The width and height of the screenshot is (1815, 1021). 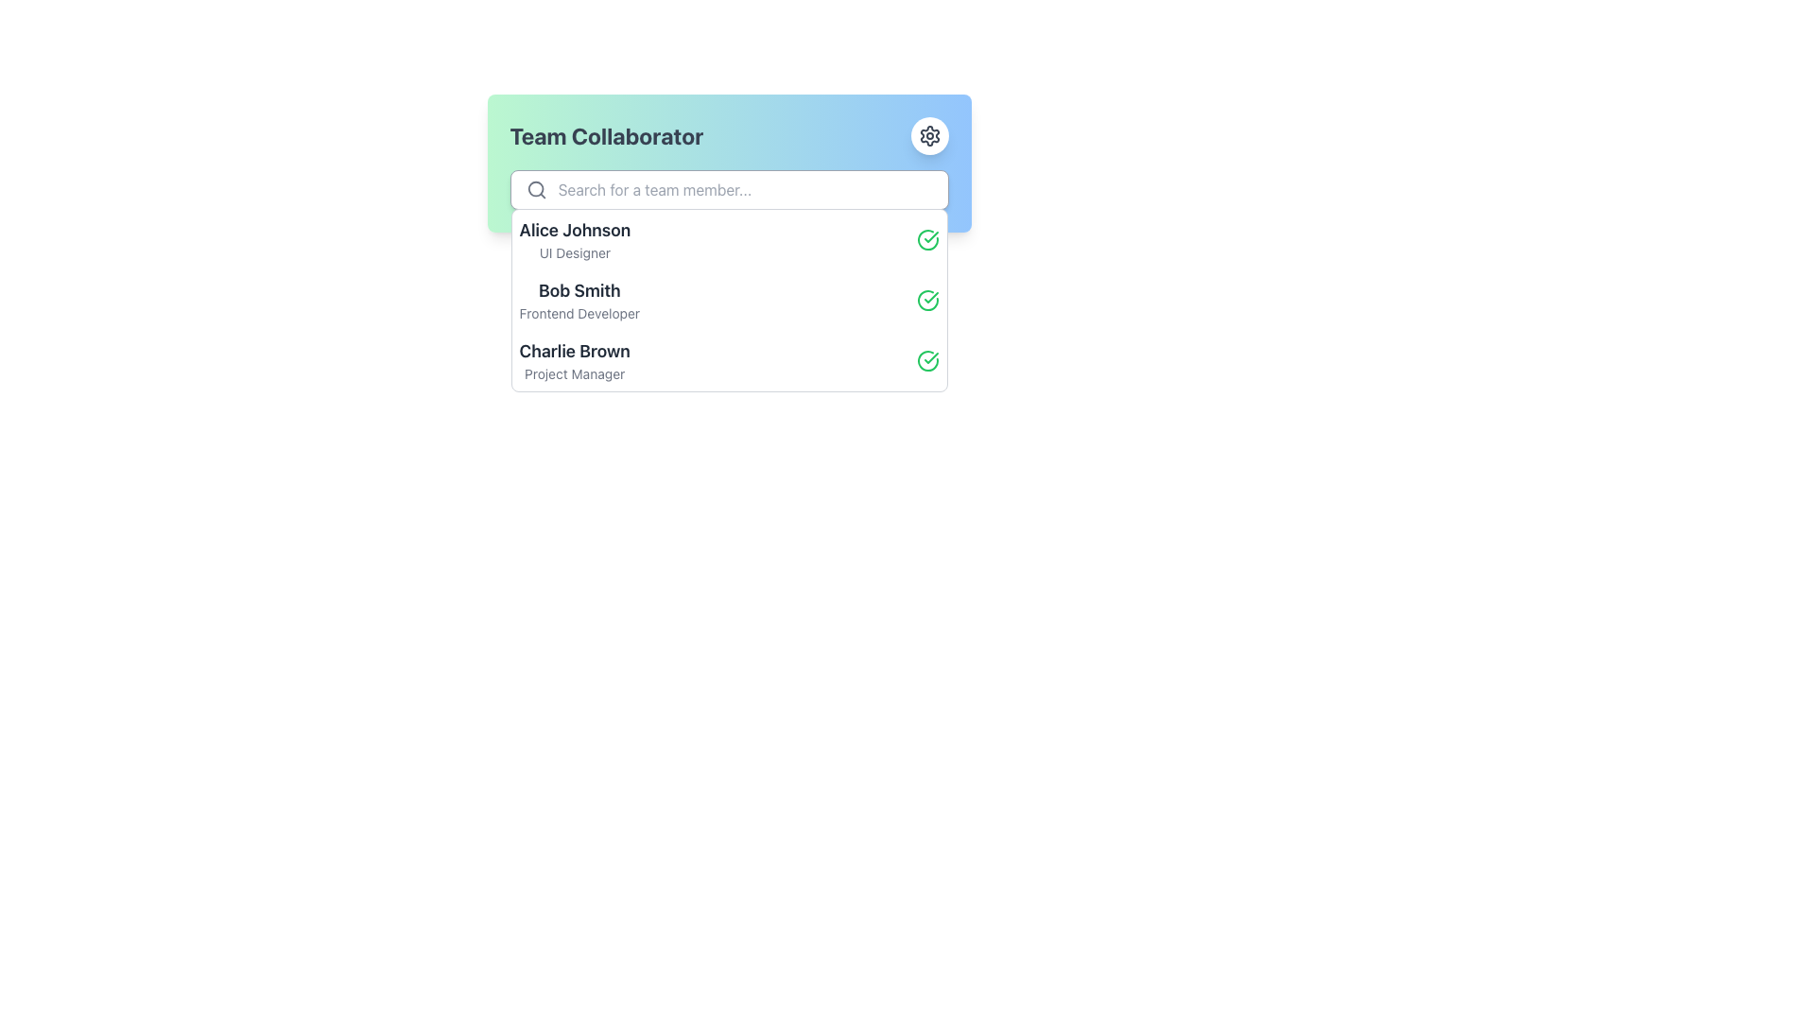 I want to click on the text input field for searching team members, located at the top-center section of the 'Team Collaborator' panel, so click(x=728, y=189).